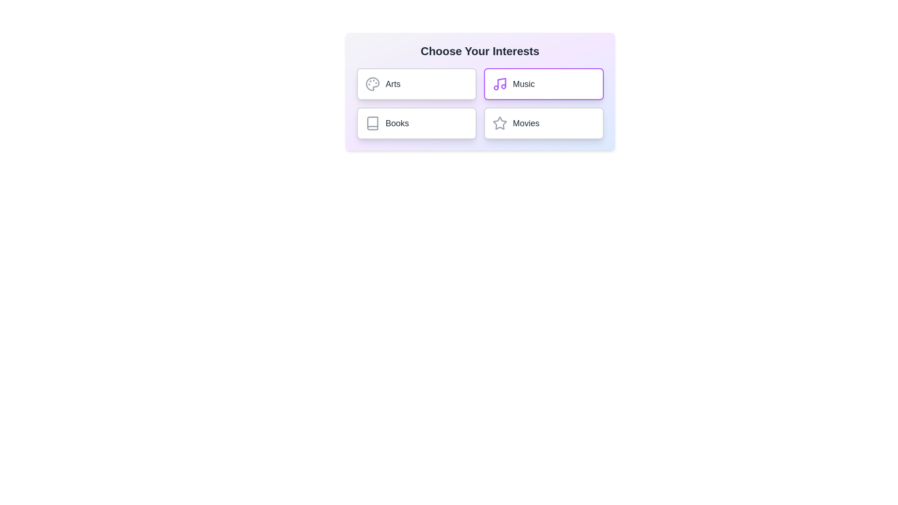 The height and width of the screenshot is (505, 898). What do you see at coordinates (543, 84) in the screenshot?
I see `the chip labeled Music to observe its hover effect` at bounding box center [543, 84].